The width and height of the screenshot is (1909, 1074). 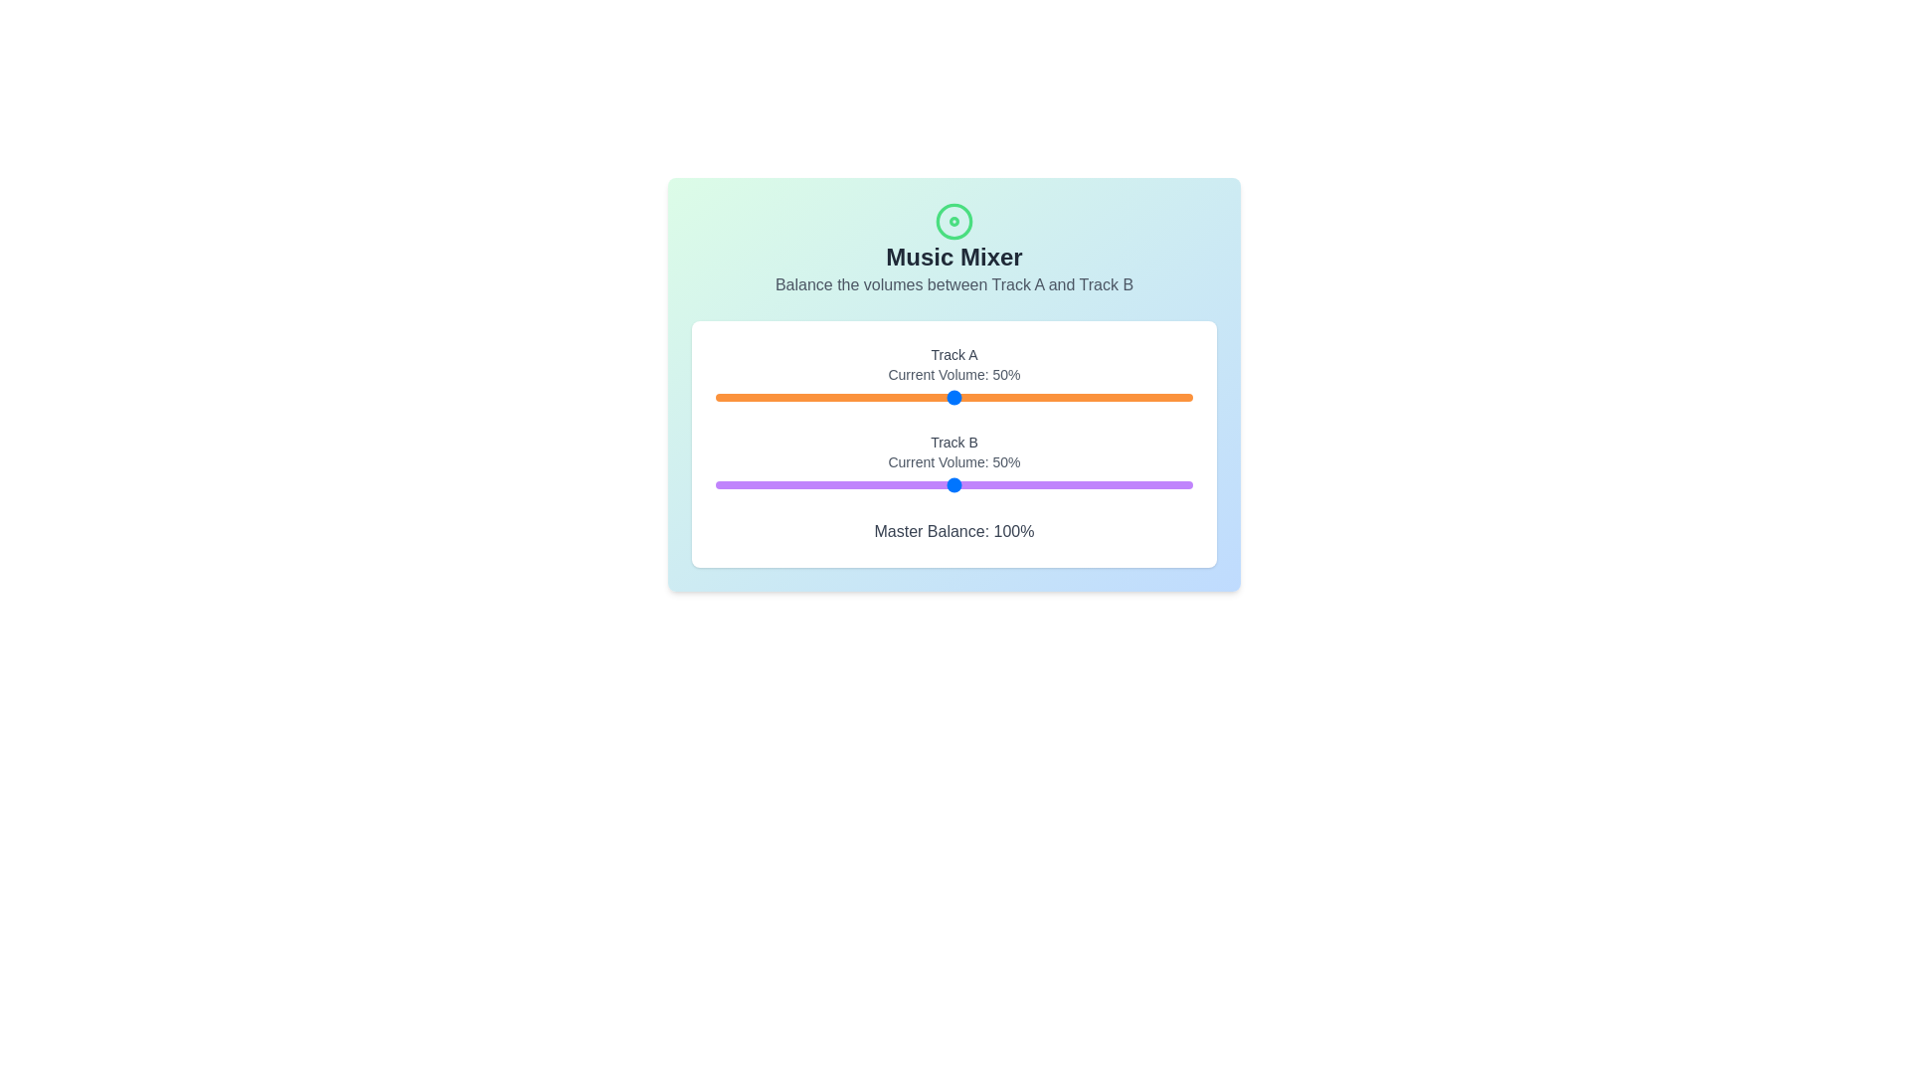 What do you see at coordinates (1021, 485) in the screenshot?
I see `the volume slider for Track B to 64%` at bounding box center [1021, 485].